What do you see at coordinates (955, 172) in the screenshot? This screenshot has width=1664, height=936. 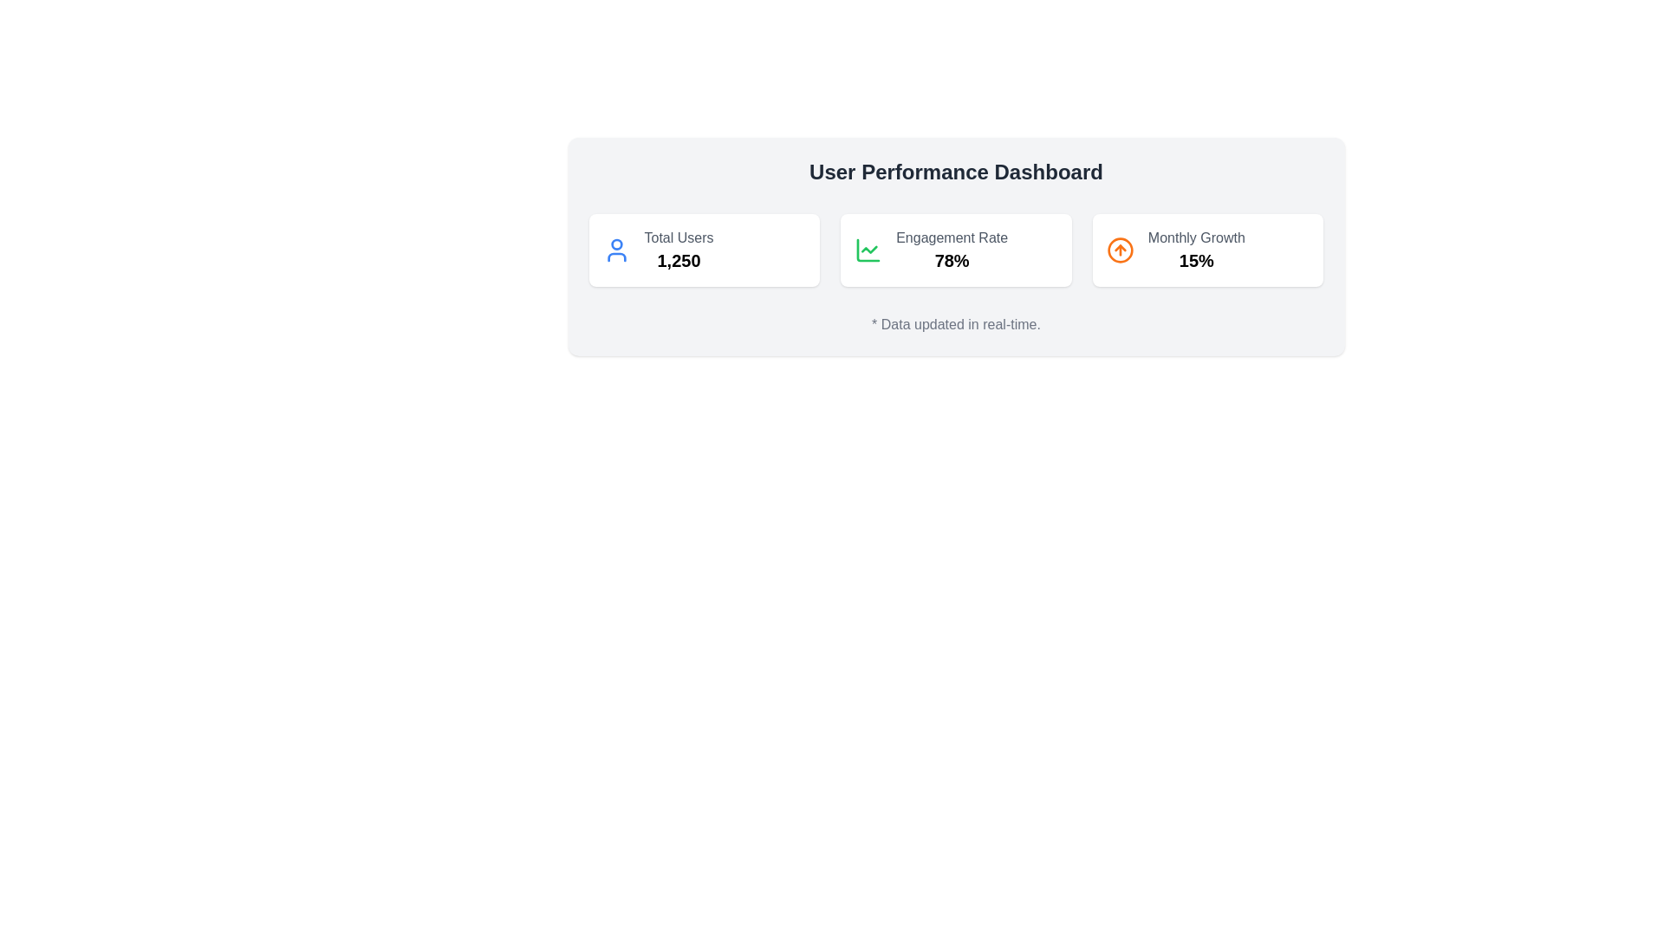 I see `header text reading 'User Performance Dashboard', which is styled in bold and large font located at the top of the card layout` at bounding box center [955, 172].